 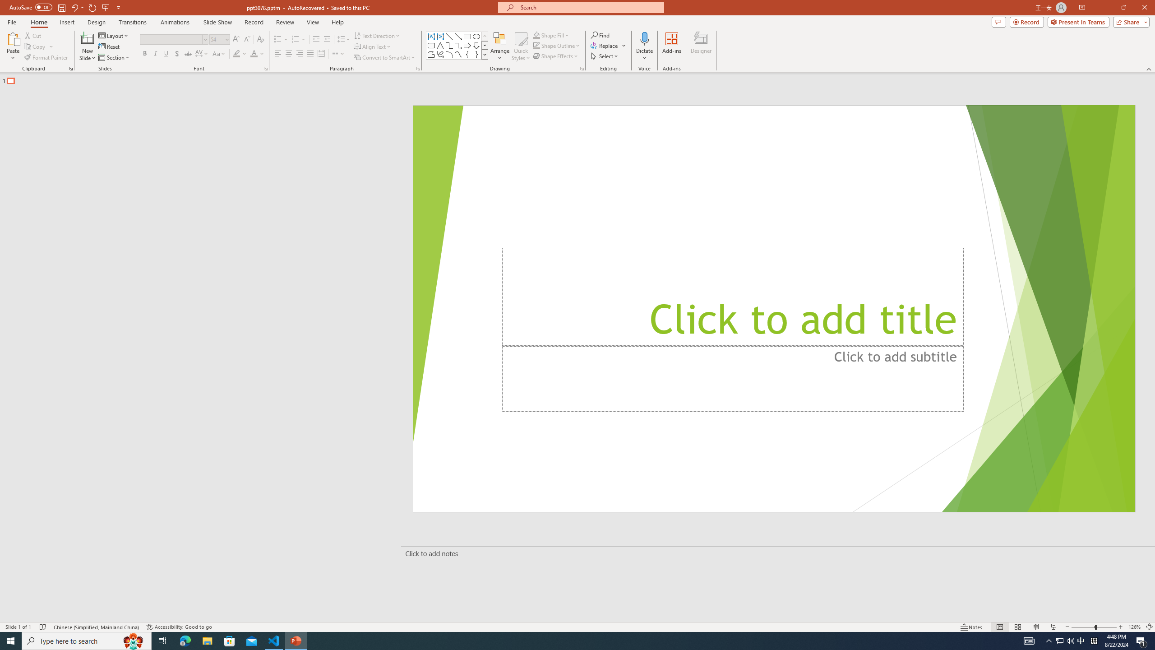 I want to click on 'Zoom 126%', so click(x=1135, y=627).